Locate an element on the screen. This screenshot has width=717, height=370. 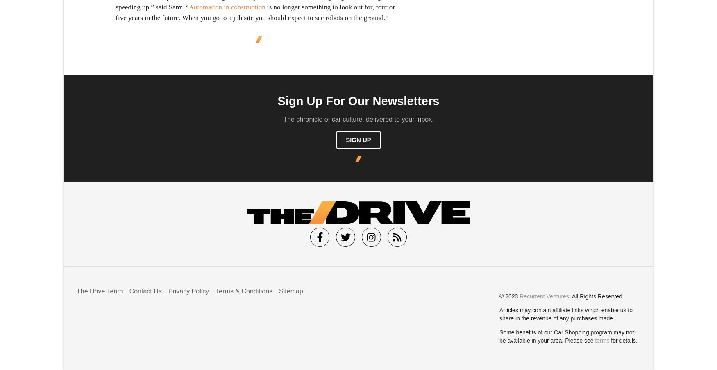
'Automation in construction' is located at coordinates (226, 7).